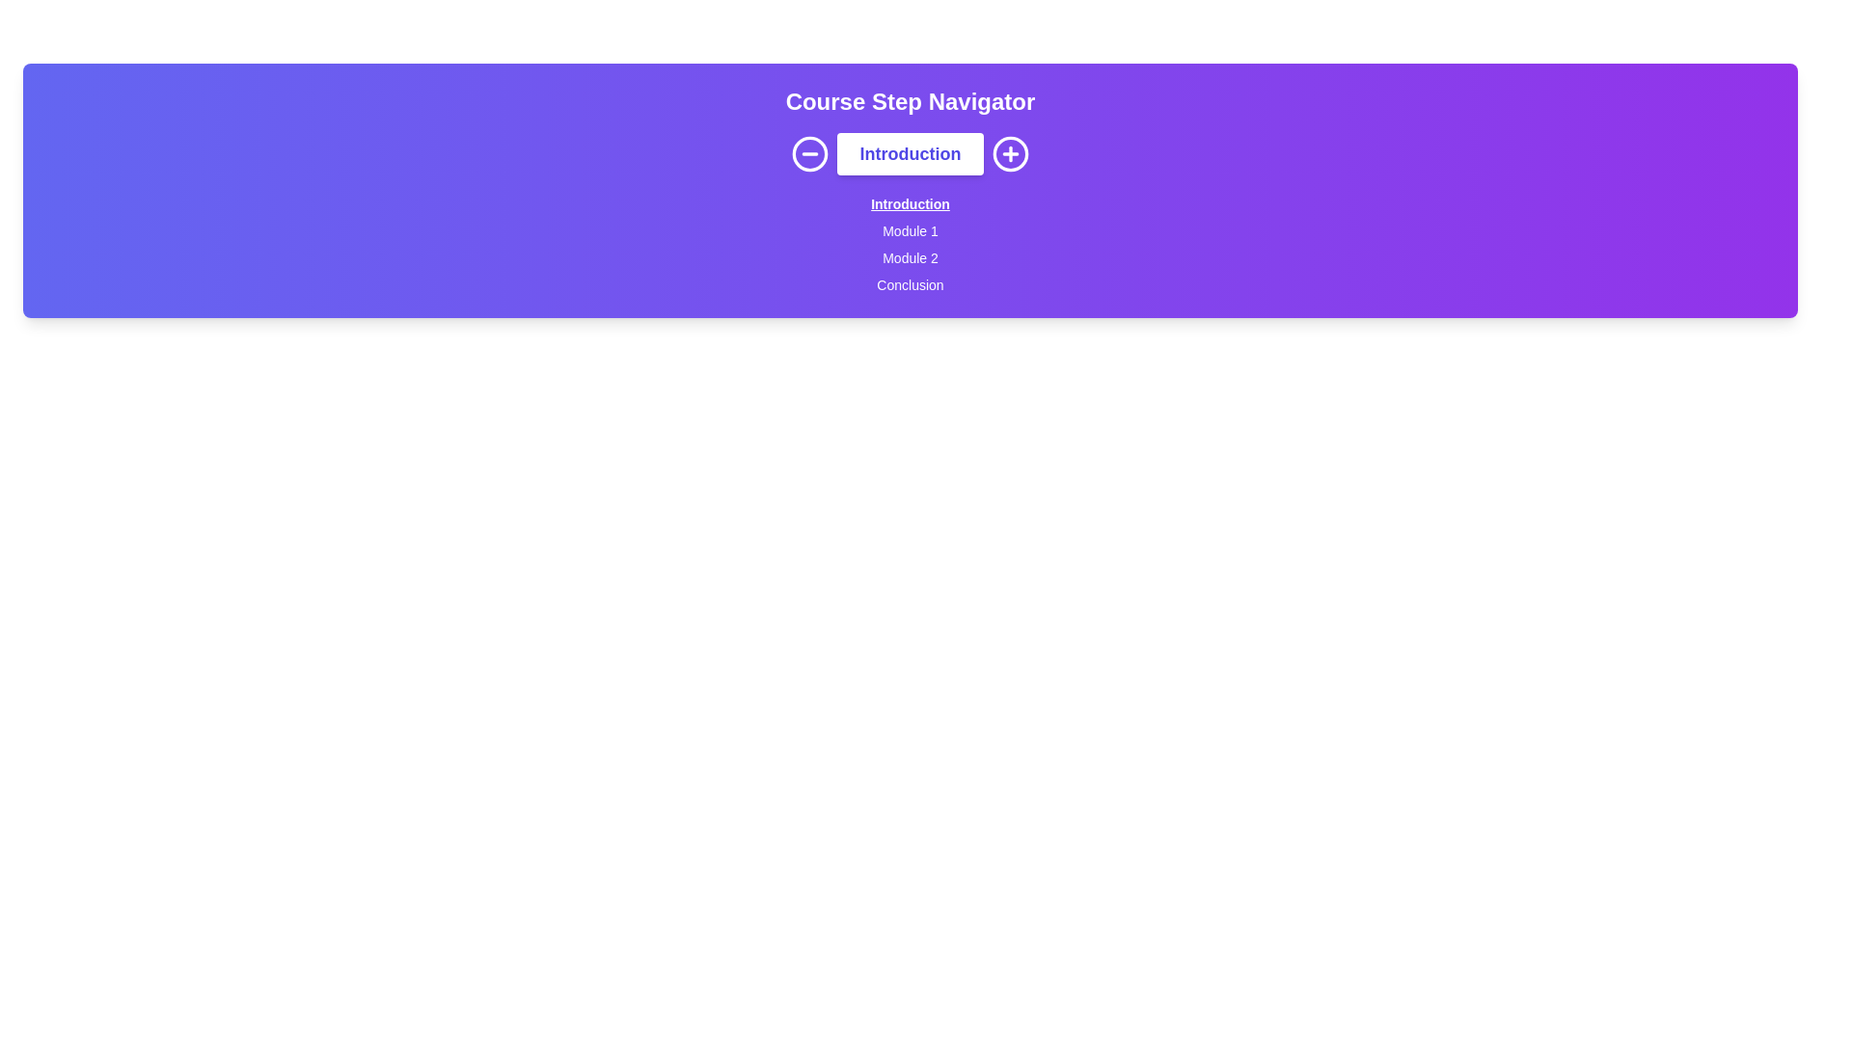  Describe the element at coordinates (809, 152) in the screenshot. I see `the circular button in the top navigation bar` at that location.